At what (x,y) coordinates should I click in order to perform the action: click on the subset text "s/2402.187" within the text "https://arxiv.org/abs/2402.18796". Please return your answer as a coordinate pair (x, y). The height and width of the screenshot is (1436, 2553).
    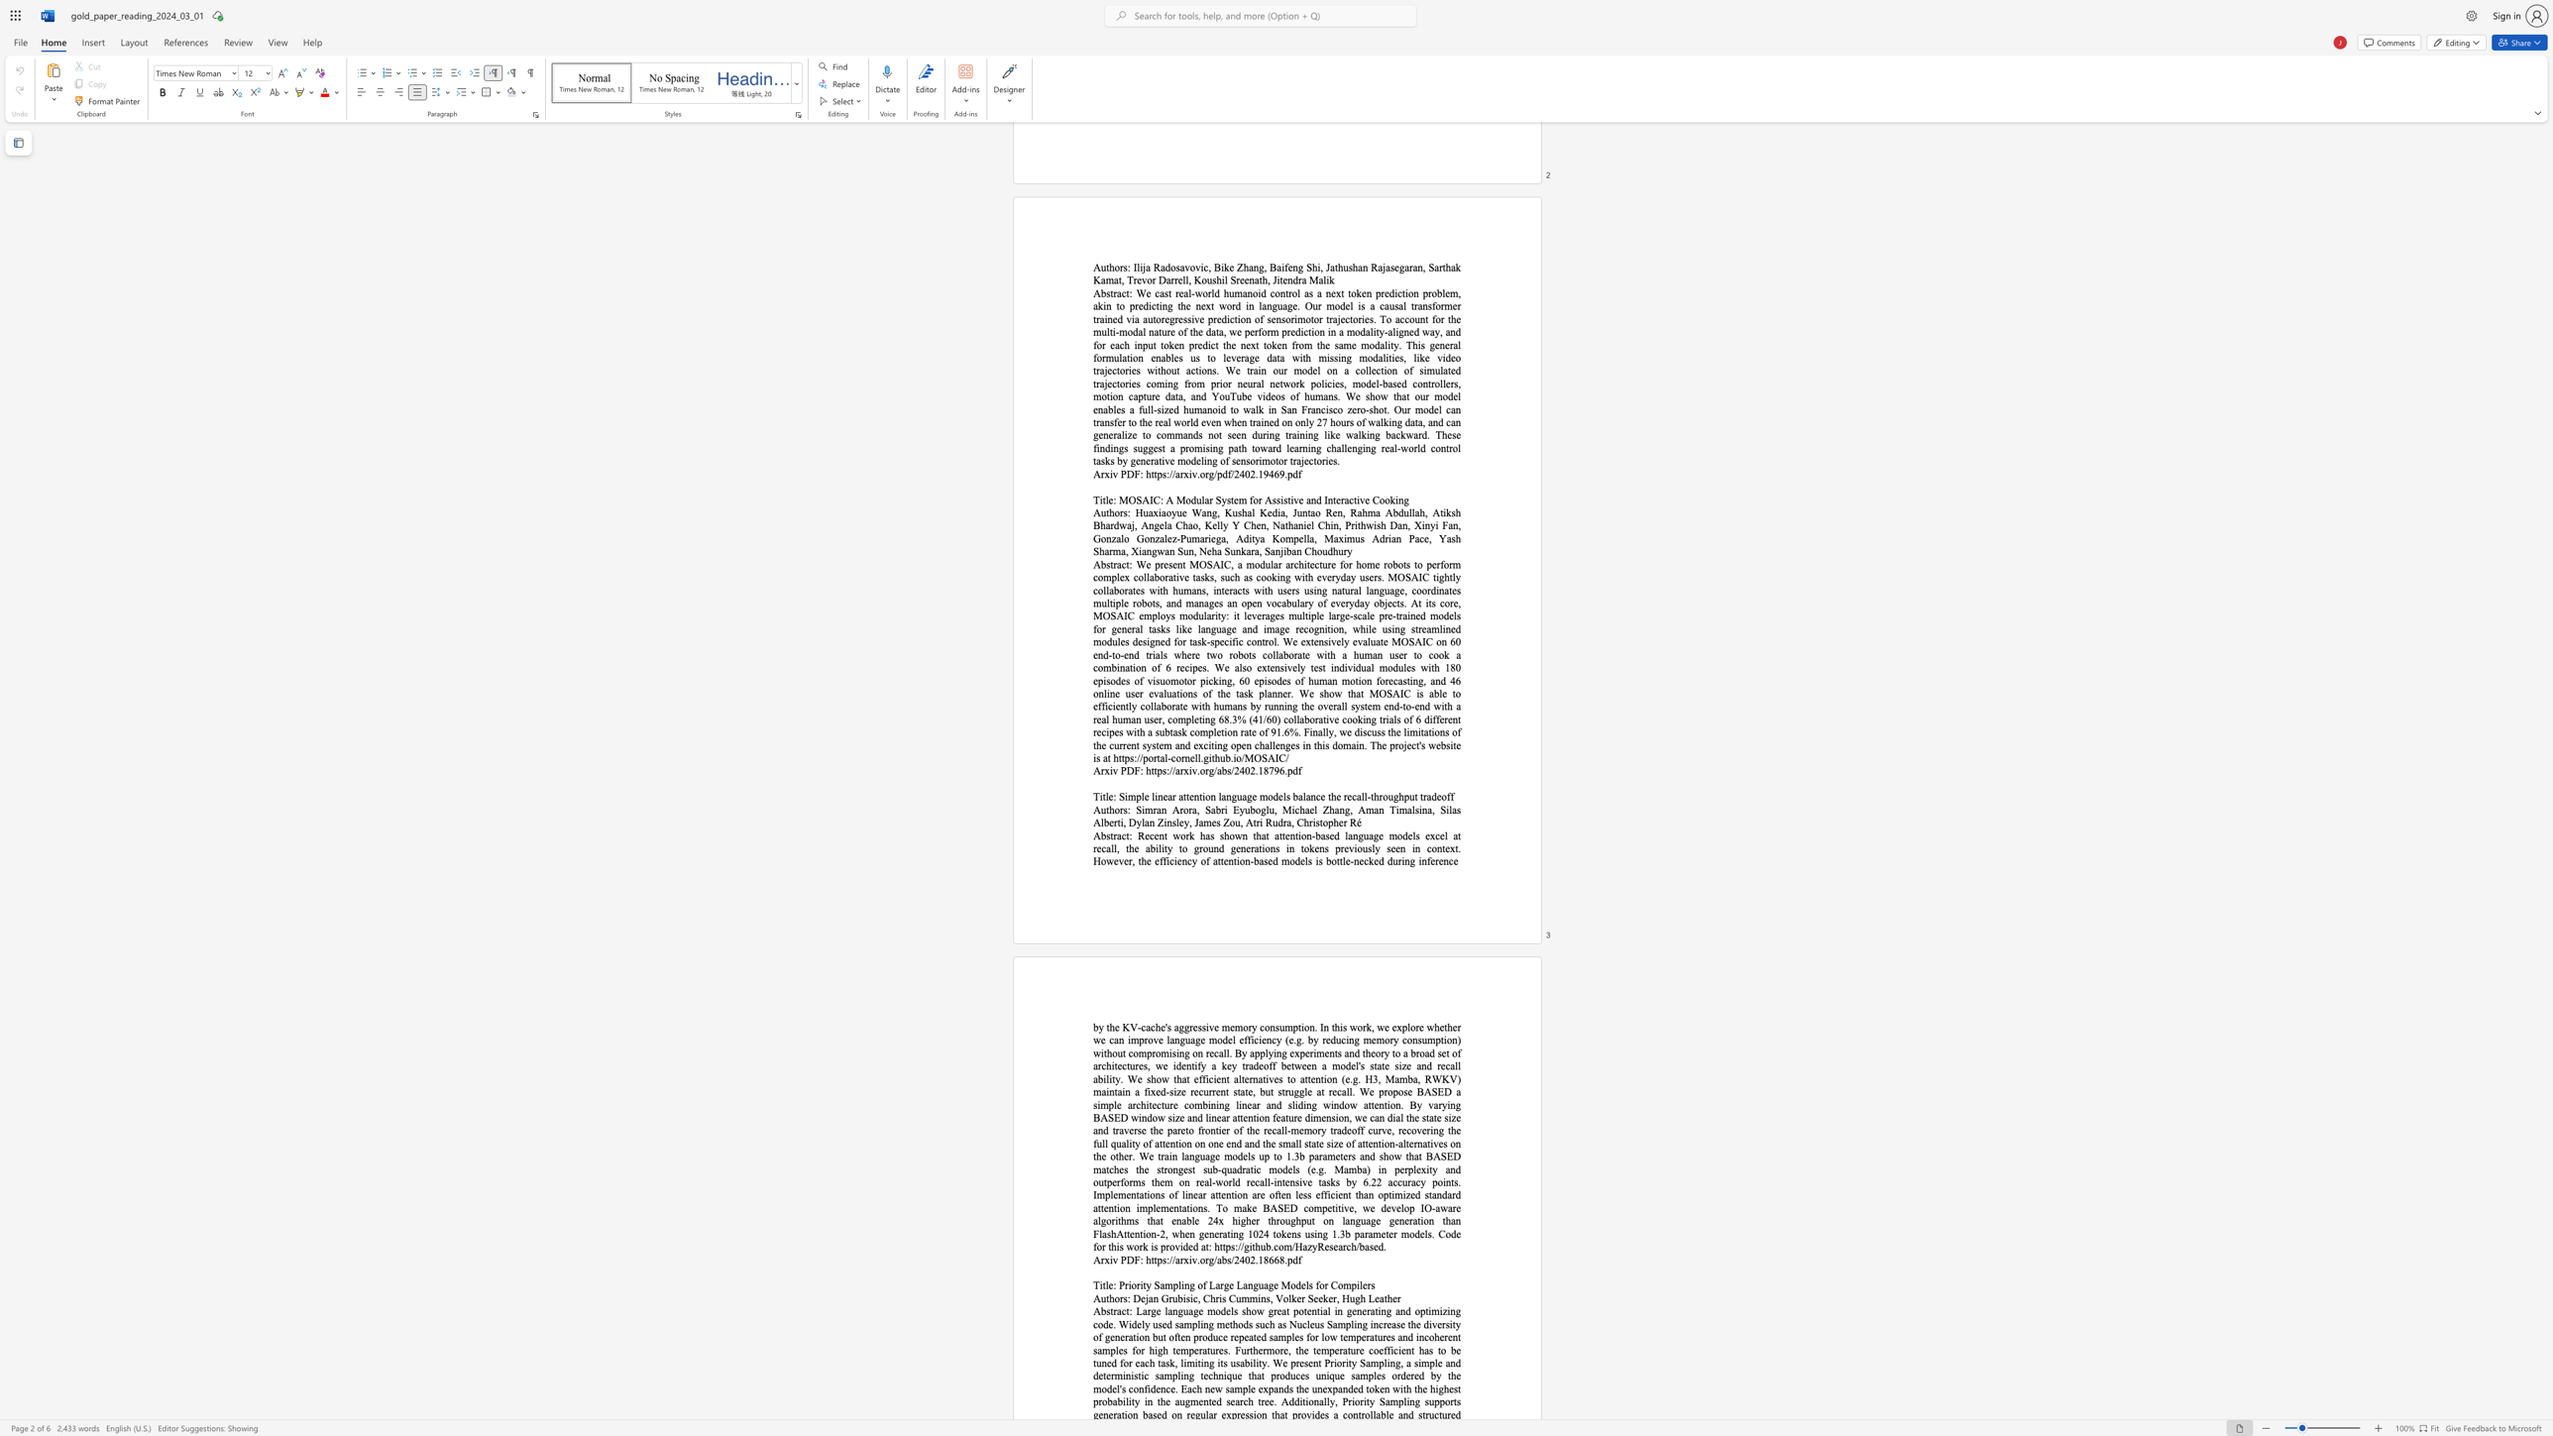
    Looking at the image, I should click on (1226, 769).